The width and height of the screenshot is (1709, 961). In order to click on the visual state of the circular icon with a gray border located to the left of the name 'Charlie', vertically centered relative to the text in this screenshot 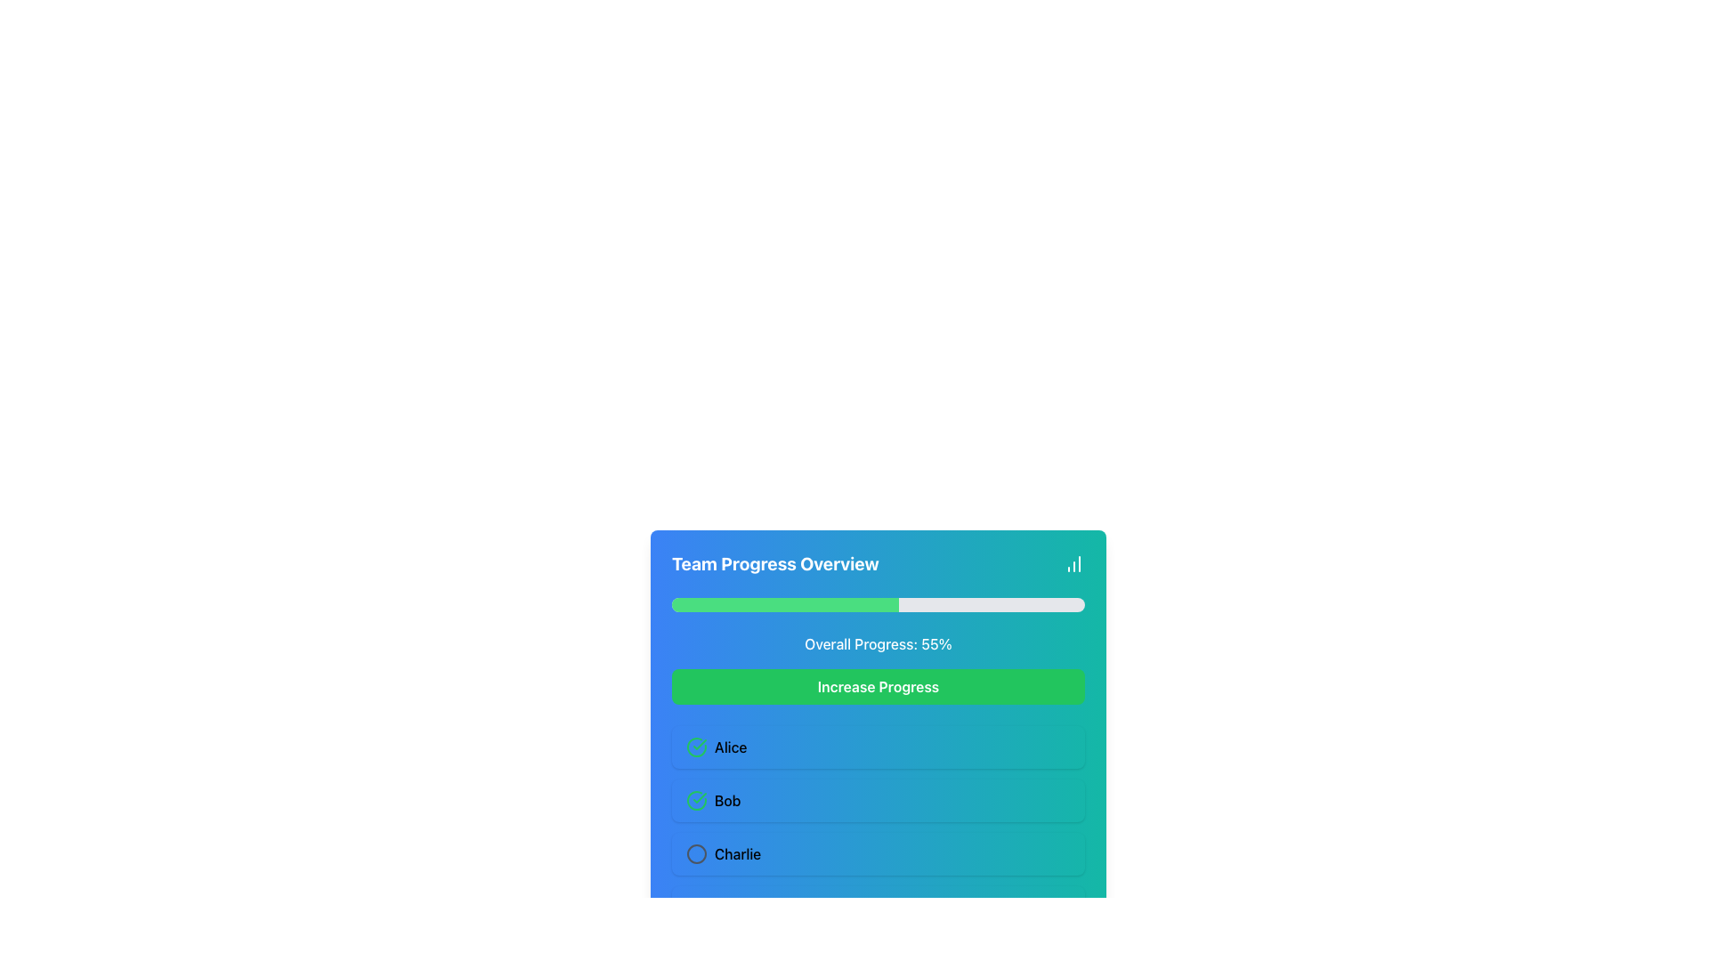, I will do `click(695, 853)`.